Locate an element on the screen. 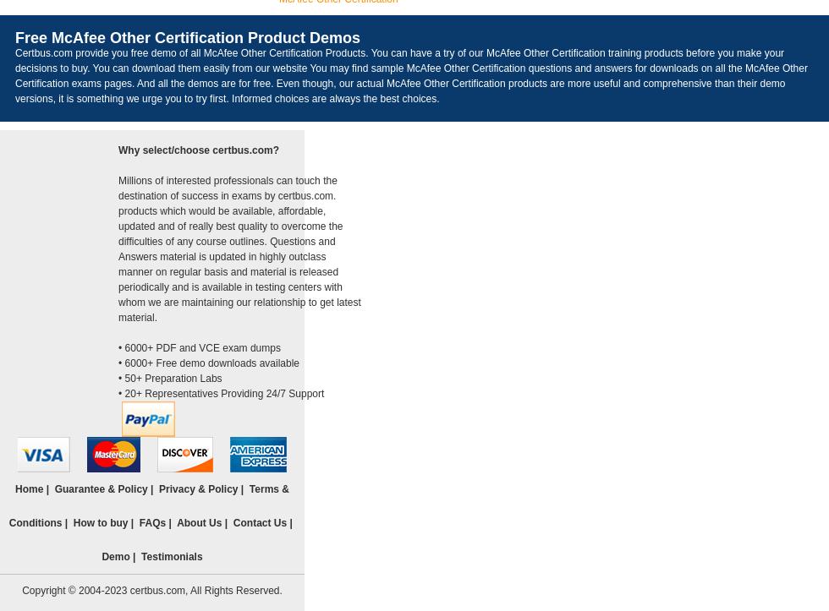 Image resolution: width=829 pixels, height=611 pixels. 'How to buy' is located at coordinates (100, 523).